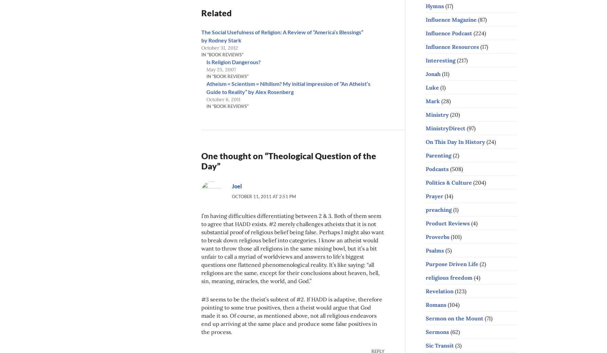 Image resolution: width=607 pixels, height=353 pixels. Describe the element at coordinates (437, 331) in the screenshot. I see `'Sermons'` at that location.